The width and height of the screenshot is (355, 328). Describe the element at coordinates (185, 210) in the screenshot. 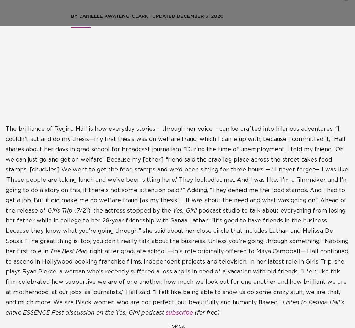

I see `'Yes, Girl!'` at that location.